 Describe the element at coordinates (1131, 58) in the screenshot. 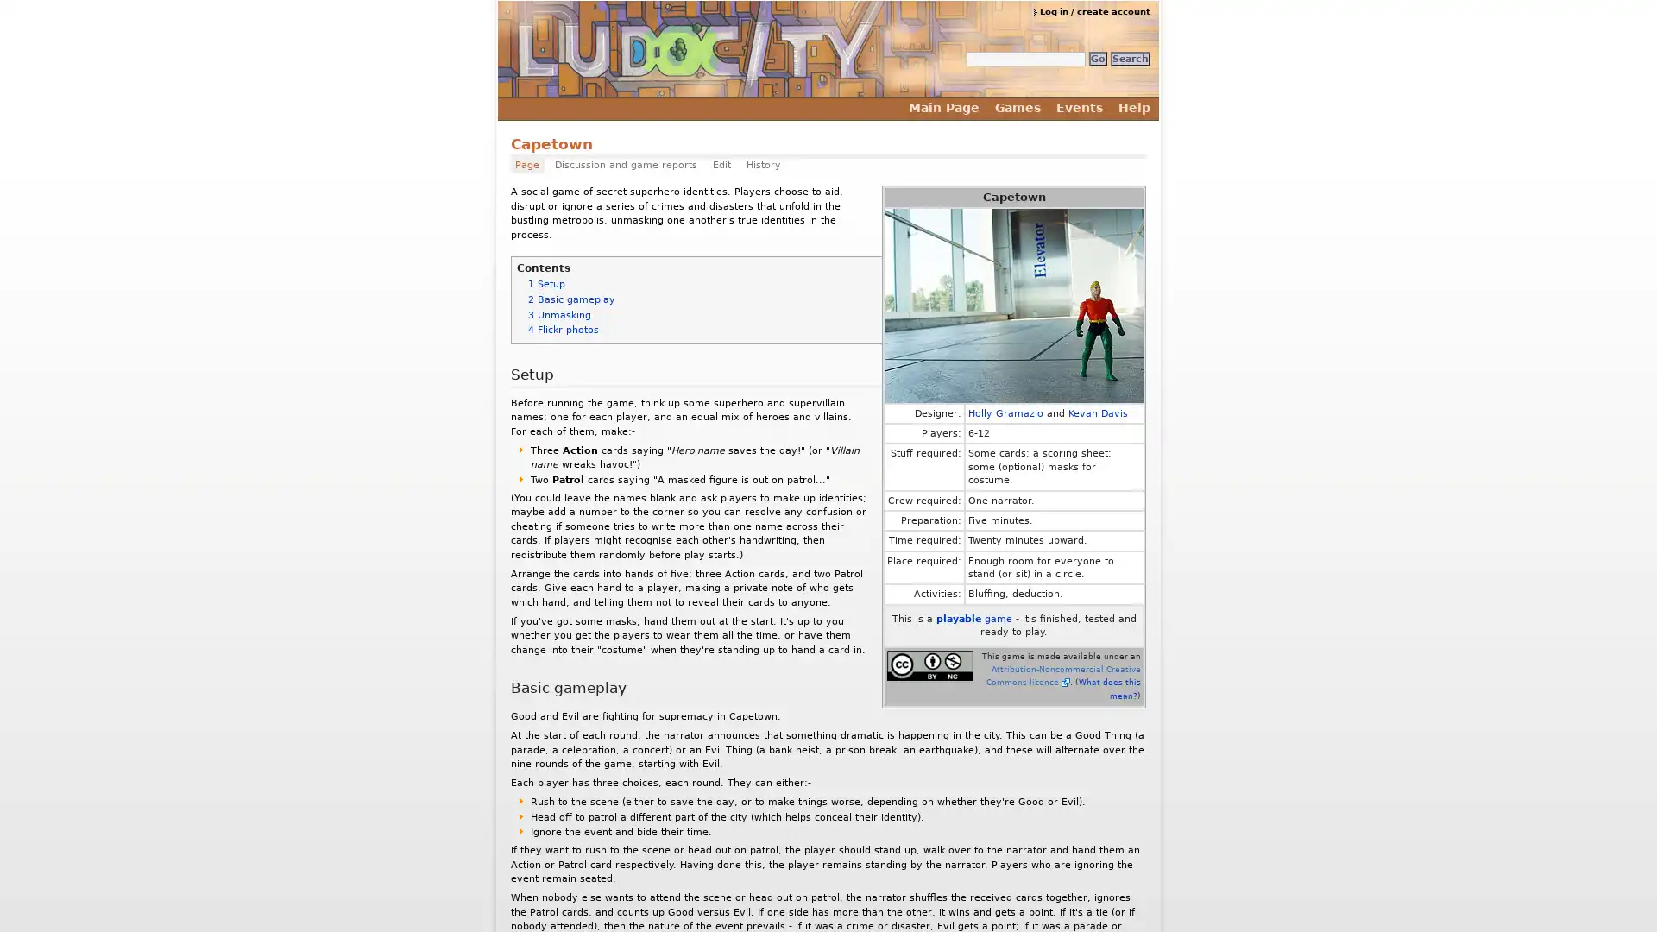

I see `Search` at that location.